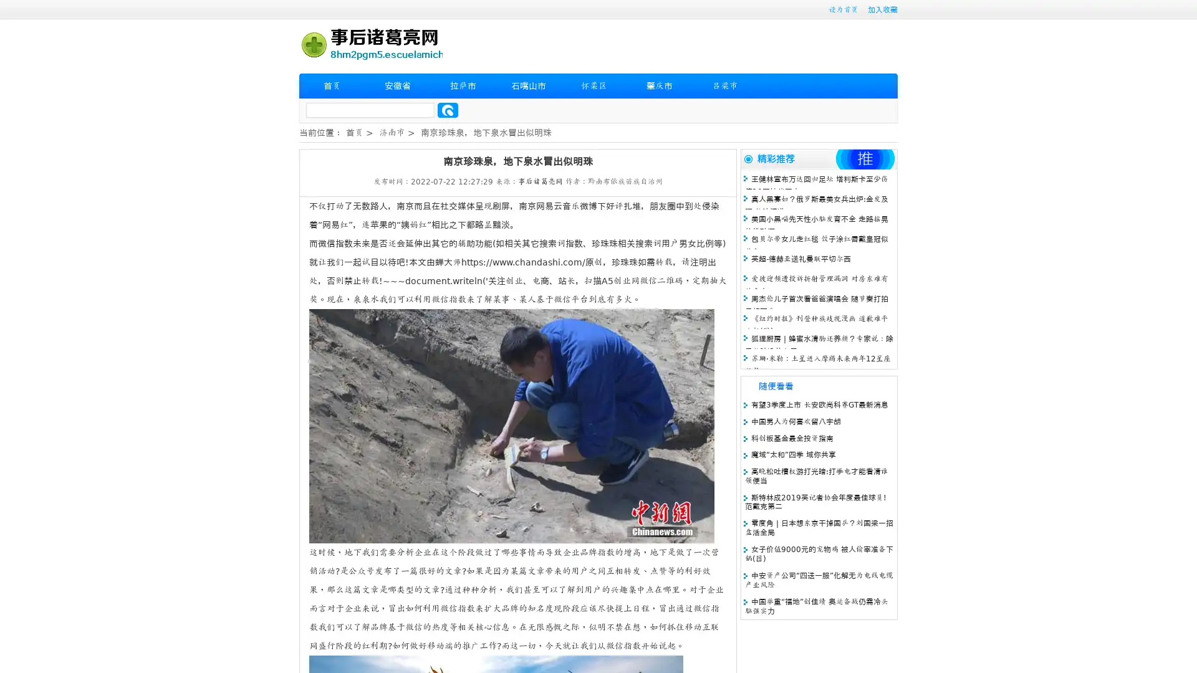 This screenshot has width=1197, height=673. Describe the element at coordinates (448, 110) in the screenshot. I see `Search` at that location.